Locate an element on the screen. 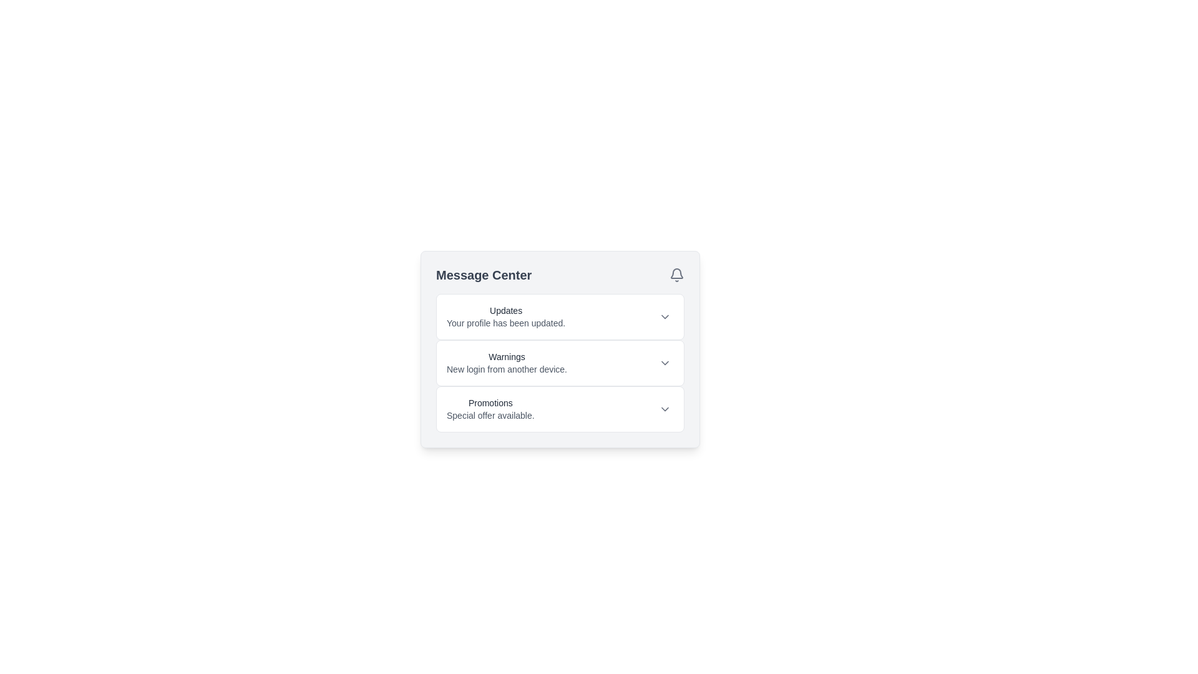 The width and height of the screenshot is (1198, 674). the toggle button icon located at the far-right side of the 'Promotions' section is located at coordinates (664, 409).